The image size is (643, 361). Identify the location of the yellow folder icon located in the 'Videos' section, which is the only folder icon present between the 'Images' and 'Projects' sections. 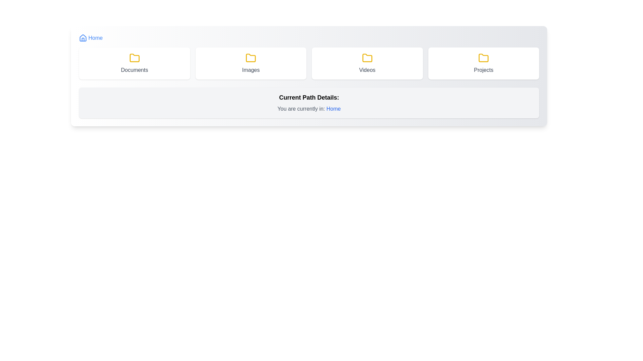
(367, 57).